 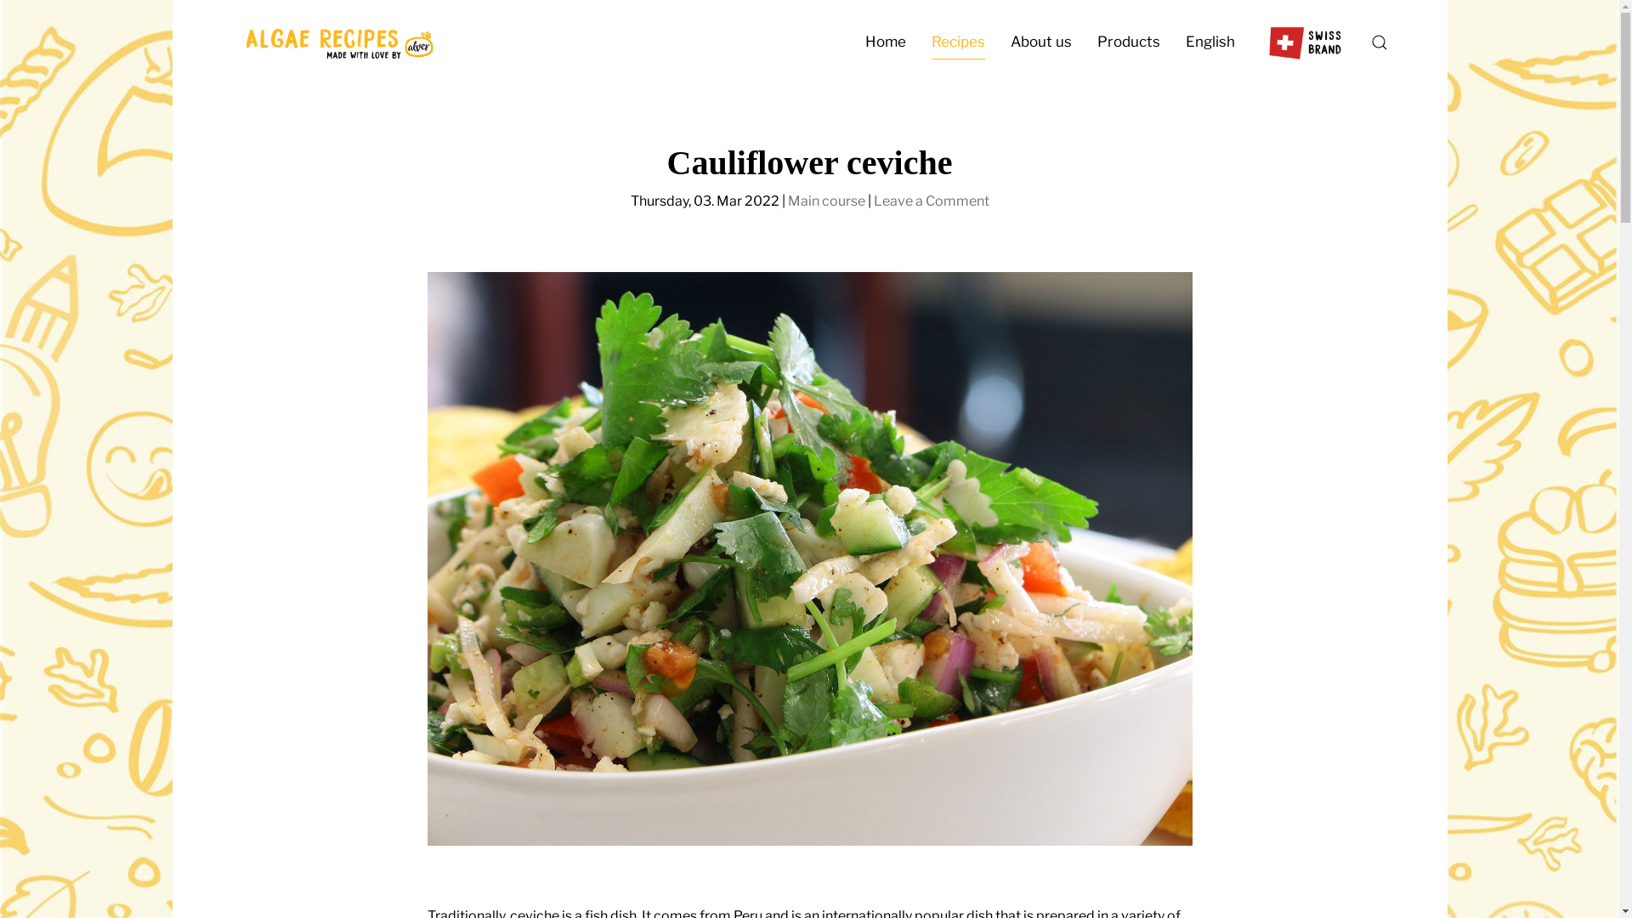 I want to click on 'Leave a Comment', so click(x=930, y=200).